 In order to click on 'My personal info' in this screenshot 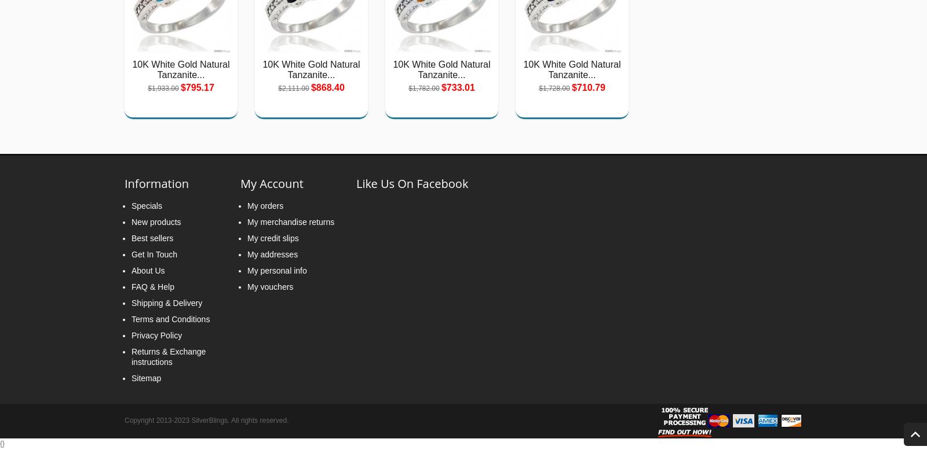, I will do `click(247, 270)`.